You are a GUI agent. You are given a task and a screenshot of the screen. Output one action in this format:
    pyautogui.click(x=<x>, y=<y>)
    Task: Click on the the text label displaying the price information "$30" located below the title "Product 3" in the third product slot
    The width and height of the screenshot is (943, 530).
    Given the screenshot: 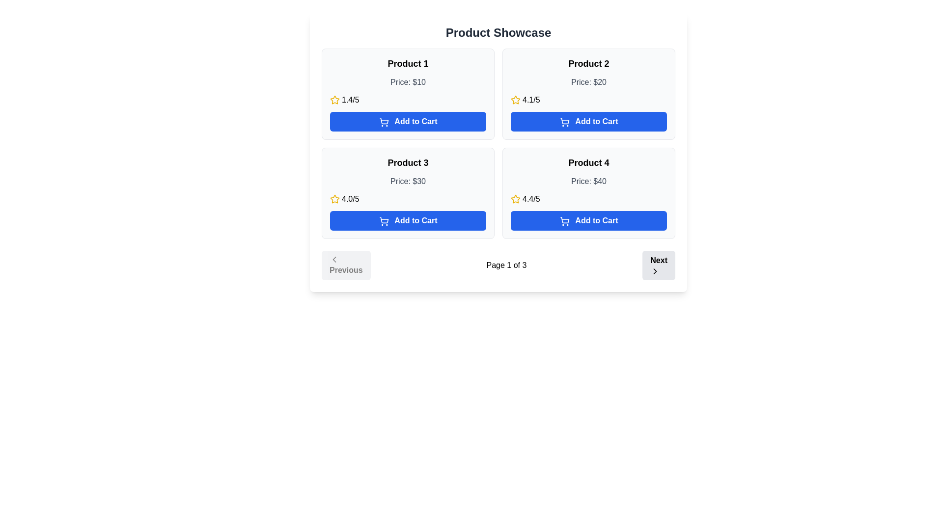 What is the action you would take?
    pyautogui.click(x=408, y=182)
    